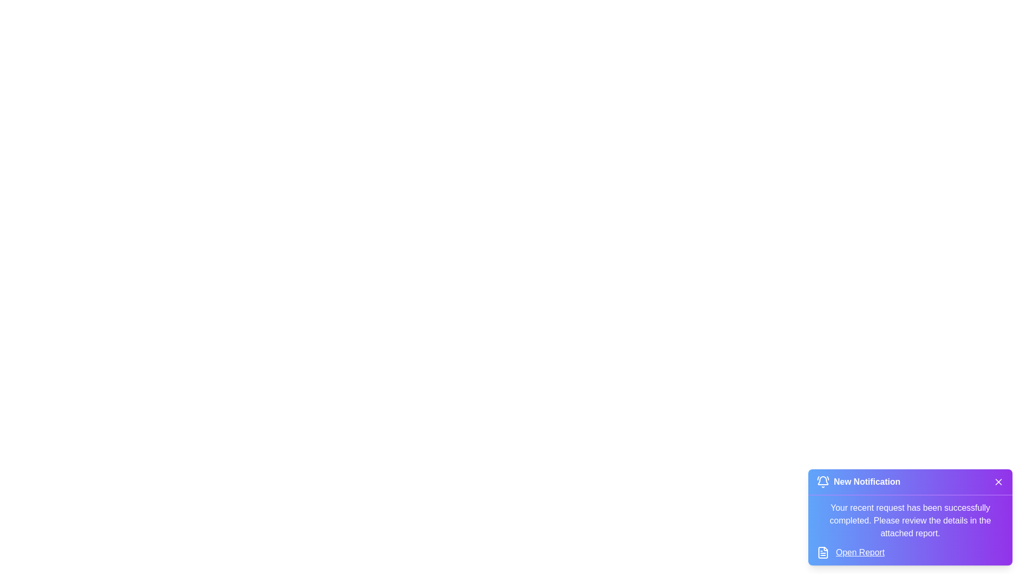 The width and height of the screenshot is (1021, 574). Describe the element at coordinates (858, 482) in the screenshot. I see `text displayed in the title or header of the notification located at the top-left corner of the card-style notification widget` at that location.